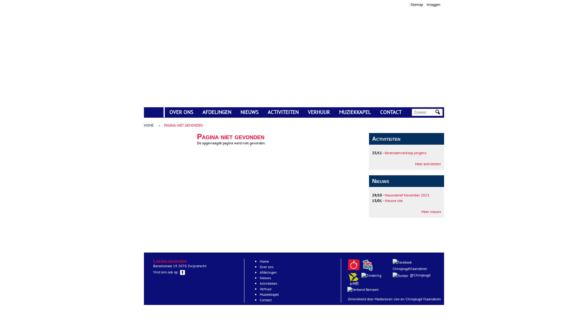 The height and width of the screenshot is (331, 588). I want to click on 'Sitemap', so click(417, 4).